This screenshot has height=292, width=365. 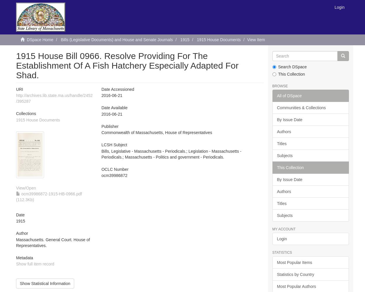 What do you see at coordinates (296, 286) in the screenshot?
I see `'Most Popular Authors'` at bounding box center [296, 286].